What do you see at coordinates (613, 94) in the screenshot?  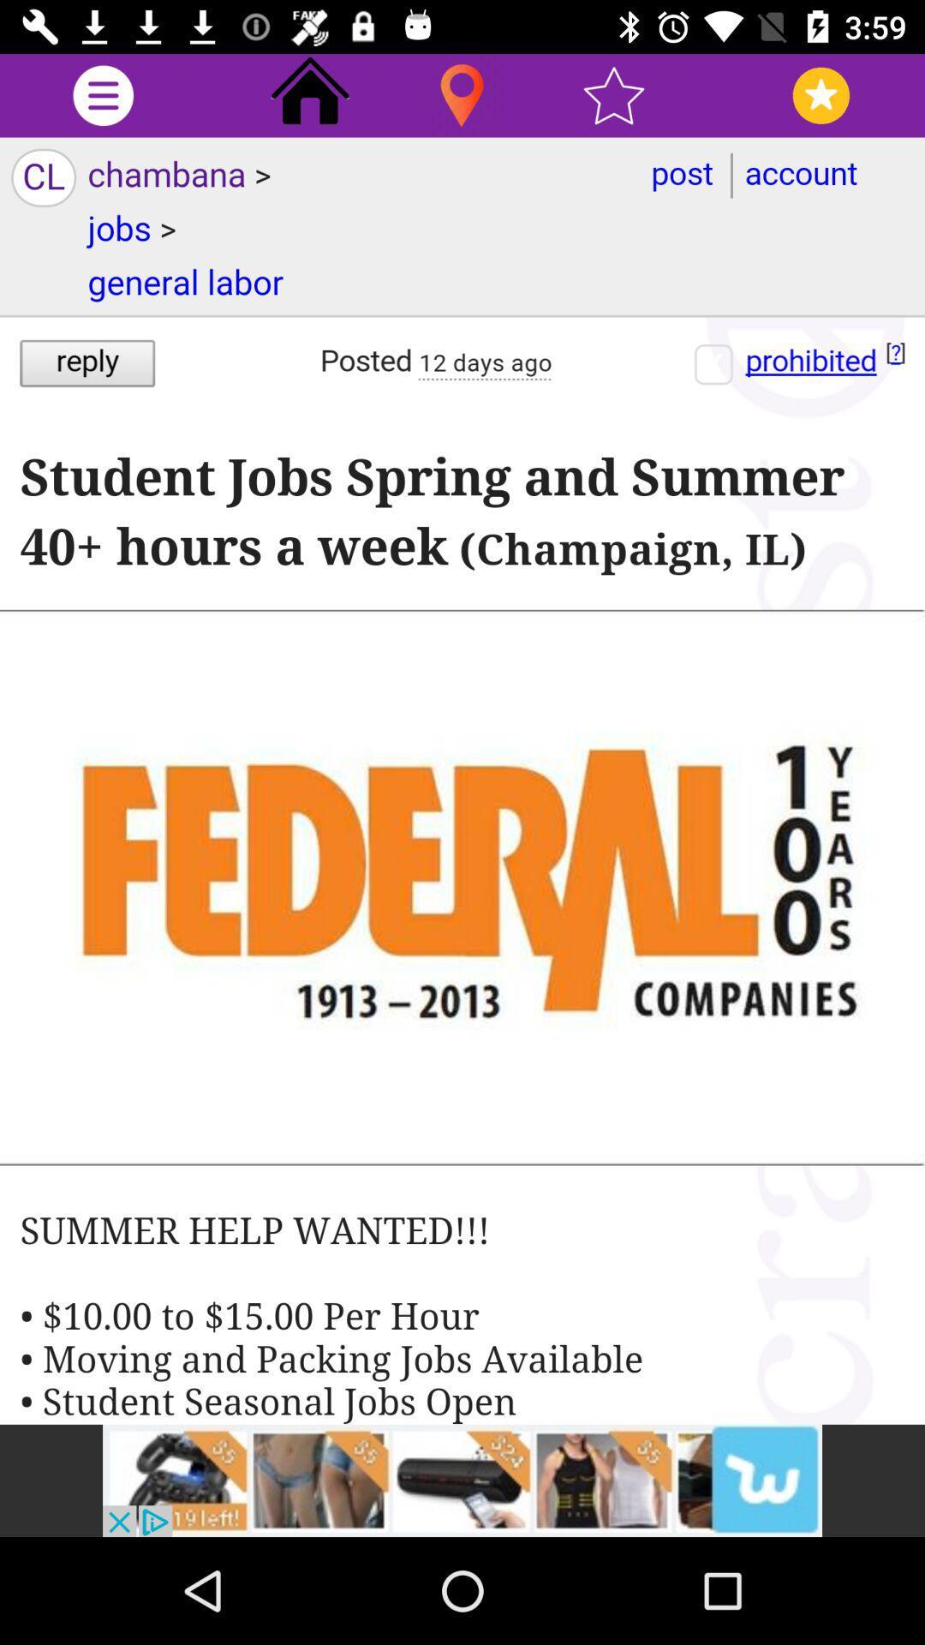 I see `star button` at bounding box center [613, 94].